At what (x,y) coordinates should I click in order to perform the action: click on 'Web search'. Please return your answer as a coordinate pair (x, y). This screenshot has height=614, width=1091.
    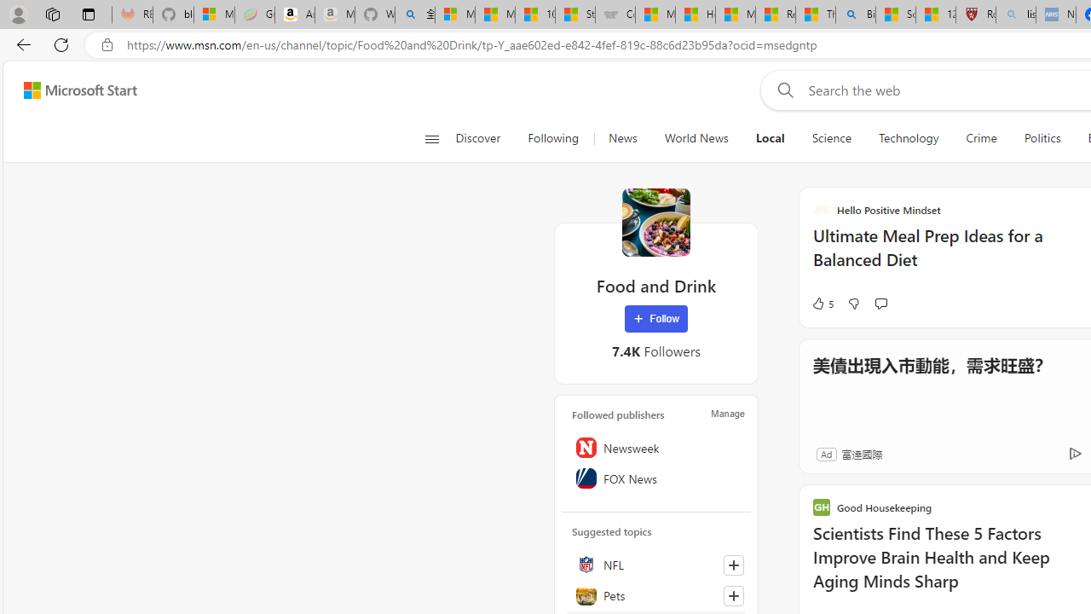
    Looking at the image, I should click on (781, 90).